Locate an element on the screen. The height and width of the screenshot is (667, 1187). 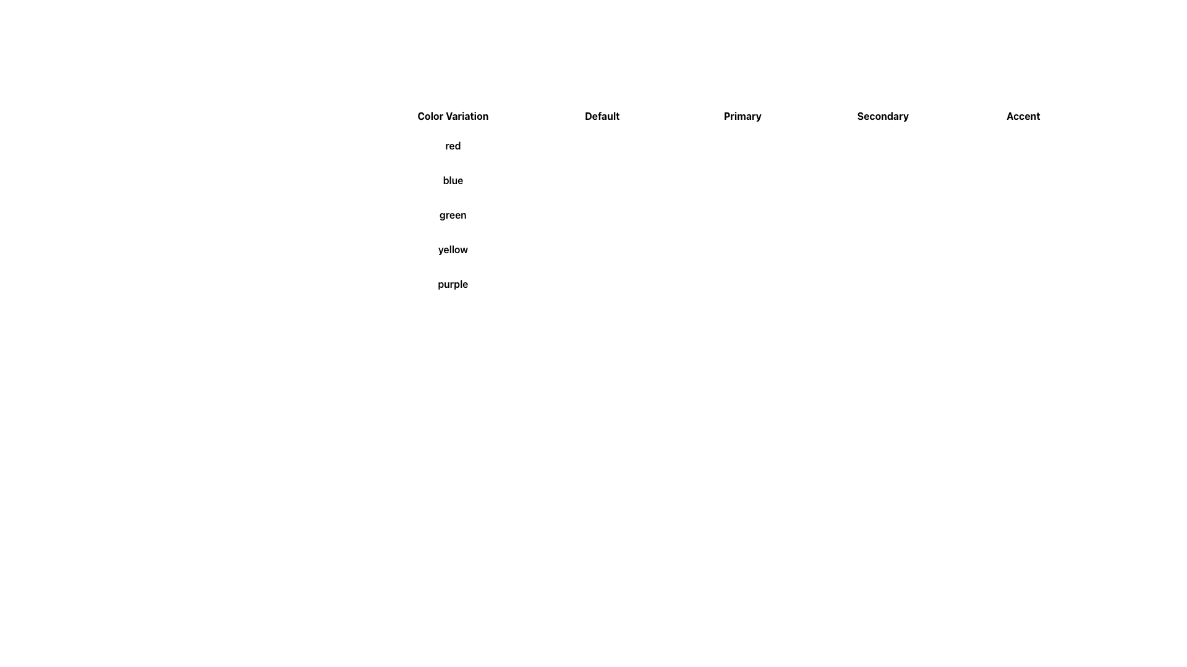
the interactive button located on the fourth row under the 'Secondary' column, which is styled with a yellow color concept is located at coordinates (882, 250).